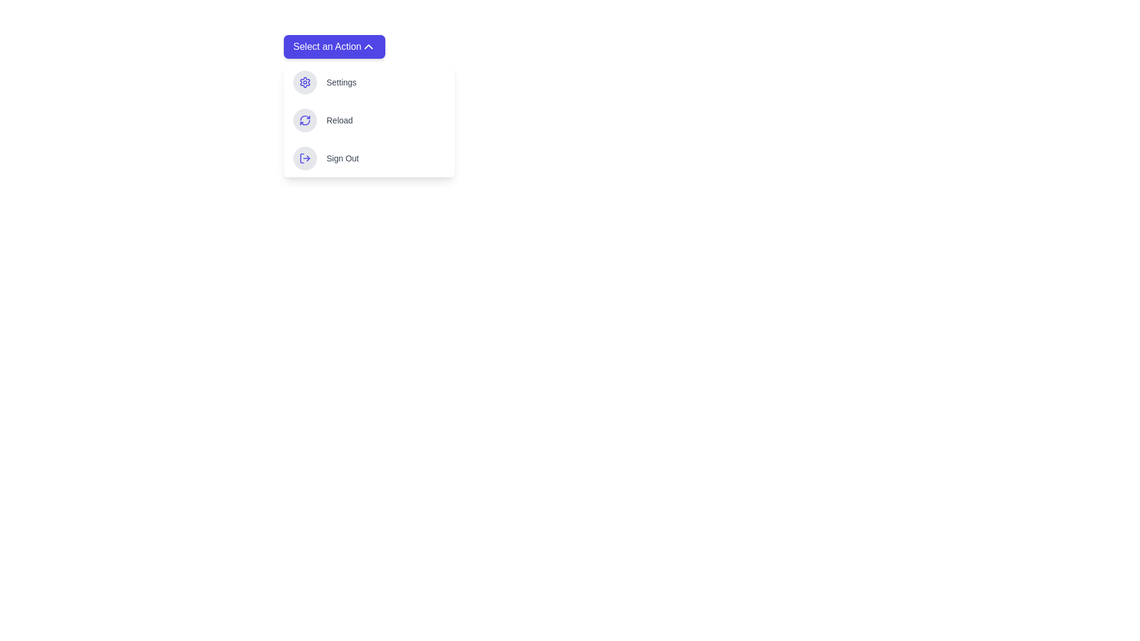 The height and width of the screenshot is (641, 1140). I want to click on the prominent Dropdown trigger button labeled 'Select an Action' with an upward-pointing chevron icon, so click(334, 46).